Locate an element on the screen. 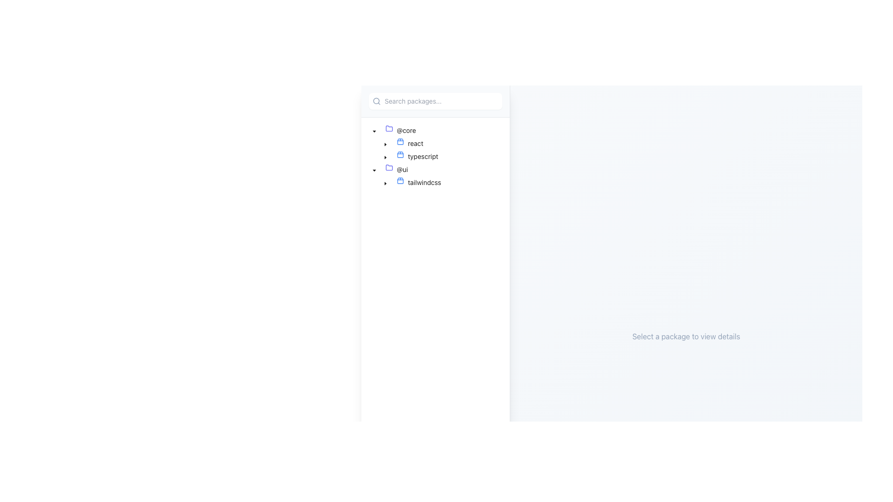 Image resolution: width=893 pixels, height=502 pixels. the Tree View Node labeled 'react' is located at coordinates (398, 143).